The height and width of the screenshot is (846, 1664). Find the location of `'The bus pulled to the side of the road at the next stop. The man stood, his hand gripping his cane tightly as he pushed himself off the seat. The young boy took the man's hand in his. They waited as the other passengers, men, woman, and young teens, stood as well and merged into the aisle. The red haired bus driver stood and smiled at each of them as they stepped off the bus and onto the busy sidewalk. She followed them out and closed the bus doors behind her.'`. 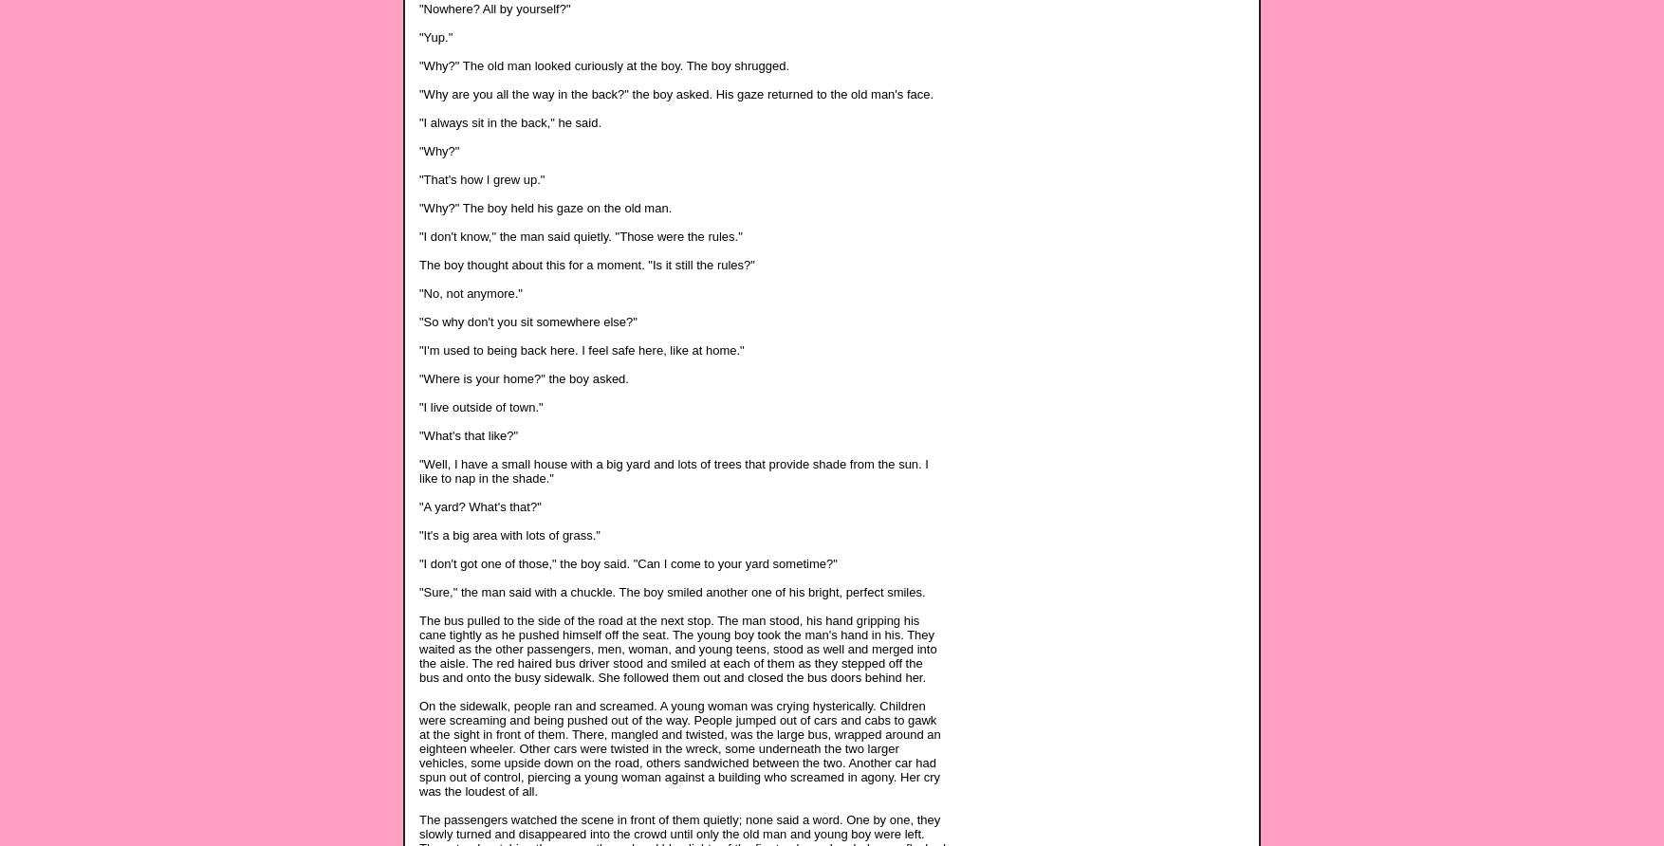

'The bus pulled to the side of the road at the next stop. The man stood, his hand gripping his cane tightly as he pushed himself off the seat. The young boy took the man's hand in his. They waited as the other passengers, men, woman, and young teens, stood as well and merged into the aisle. The red haired bus driver stood and smiled at each of them as they stepped off the bus and onto the busy sidewalk. She followed them out and closed the bus doors behind her.' is located at coordinates (677, 648).